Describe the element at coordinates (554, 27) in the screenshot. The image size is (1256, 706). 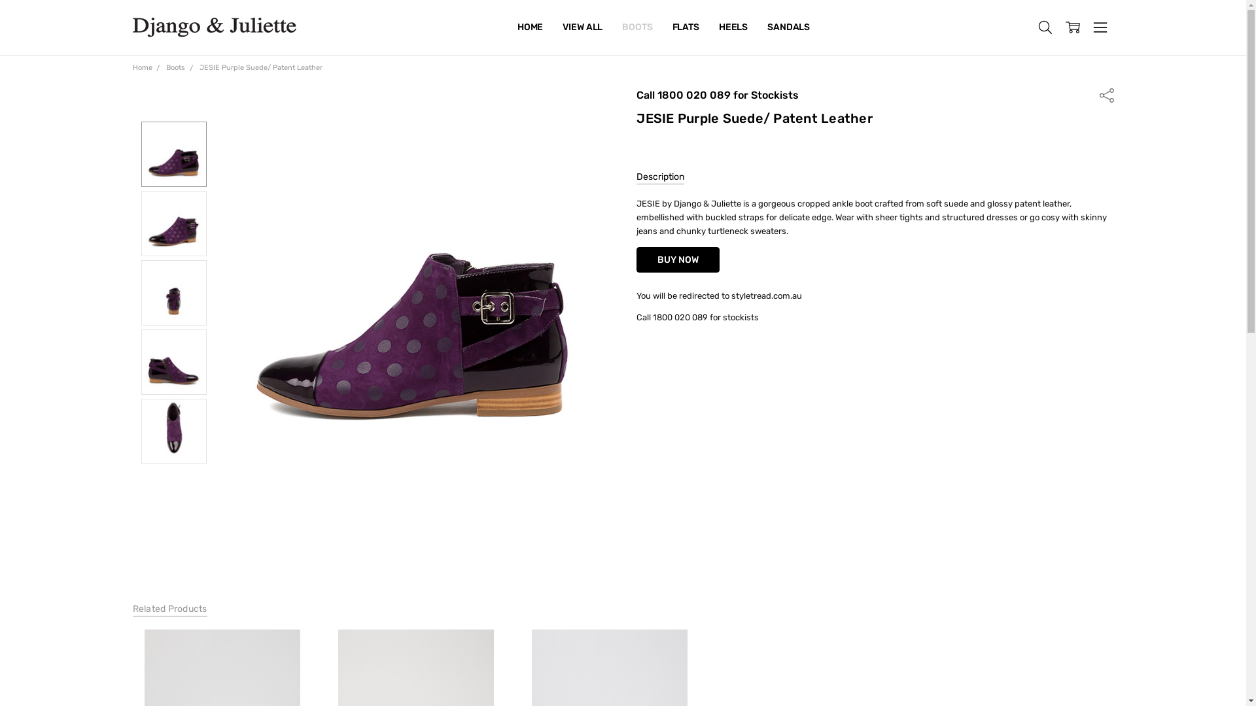
I see `'FIND A STOCKIST'` at that location.